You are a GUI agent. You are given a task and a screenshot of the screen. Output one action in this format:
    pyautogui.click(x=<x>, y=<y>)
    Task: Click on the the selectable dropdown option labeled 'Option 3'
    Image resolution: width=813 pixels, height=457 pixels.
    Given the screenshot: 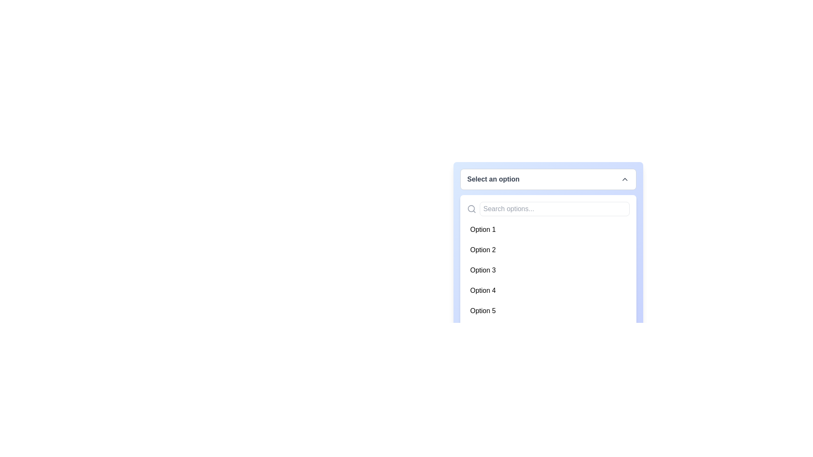 What is the action you would take?
    pyautogui.click(x=548, y=270)
    